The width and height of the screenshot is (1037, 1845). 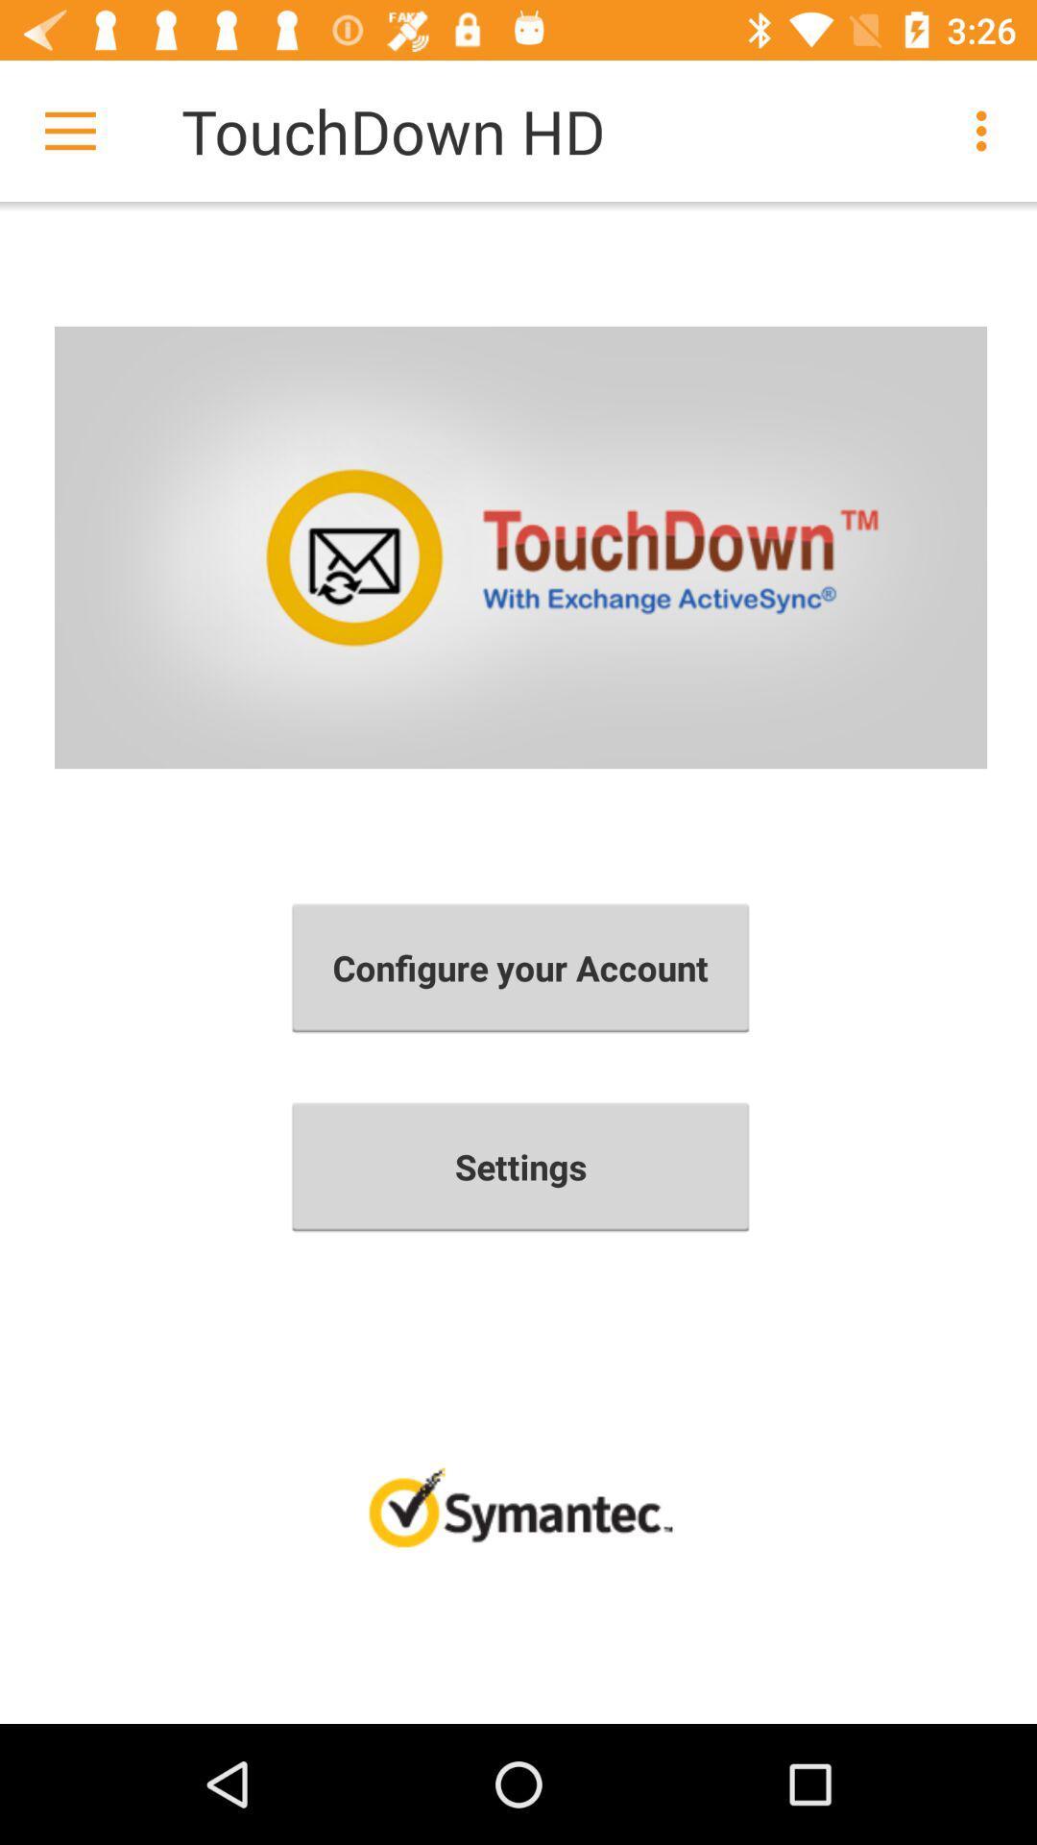 What do you see at coordinates (69, 130) in the screenshot?
I see `icon next to the touchdown hd item` at bounding box center [69, 130].